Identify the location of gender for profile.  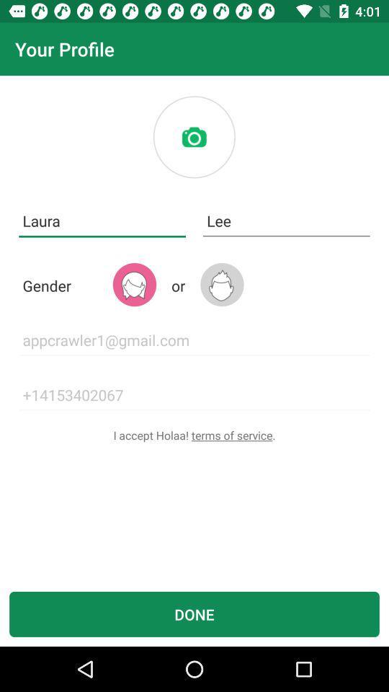
(134, 284).